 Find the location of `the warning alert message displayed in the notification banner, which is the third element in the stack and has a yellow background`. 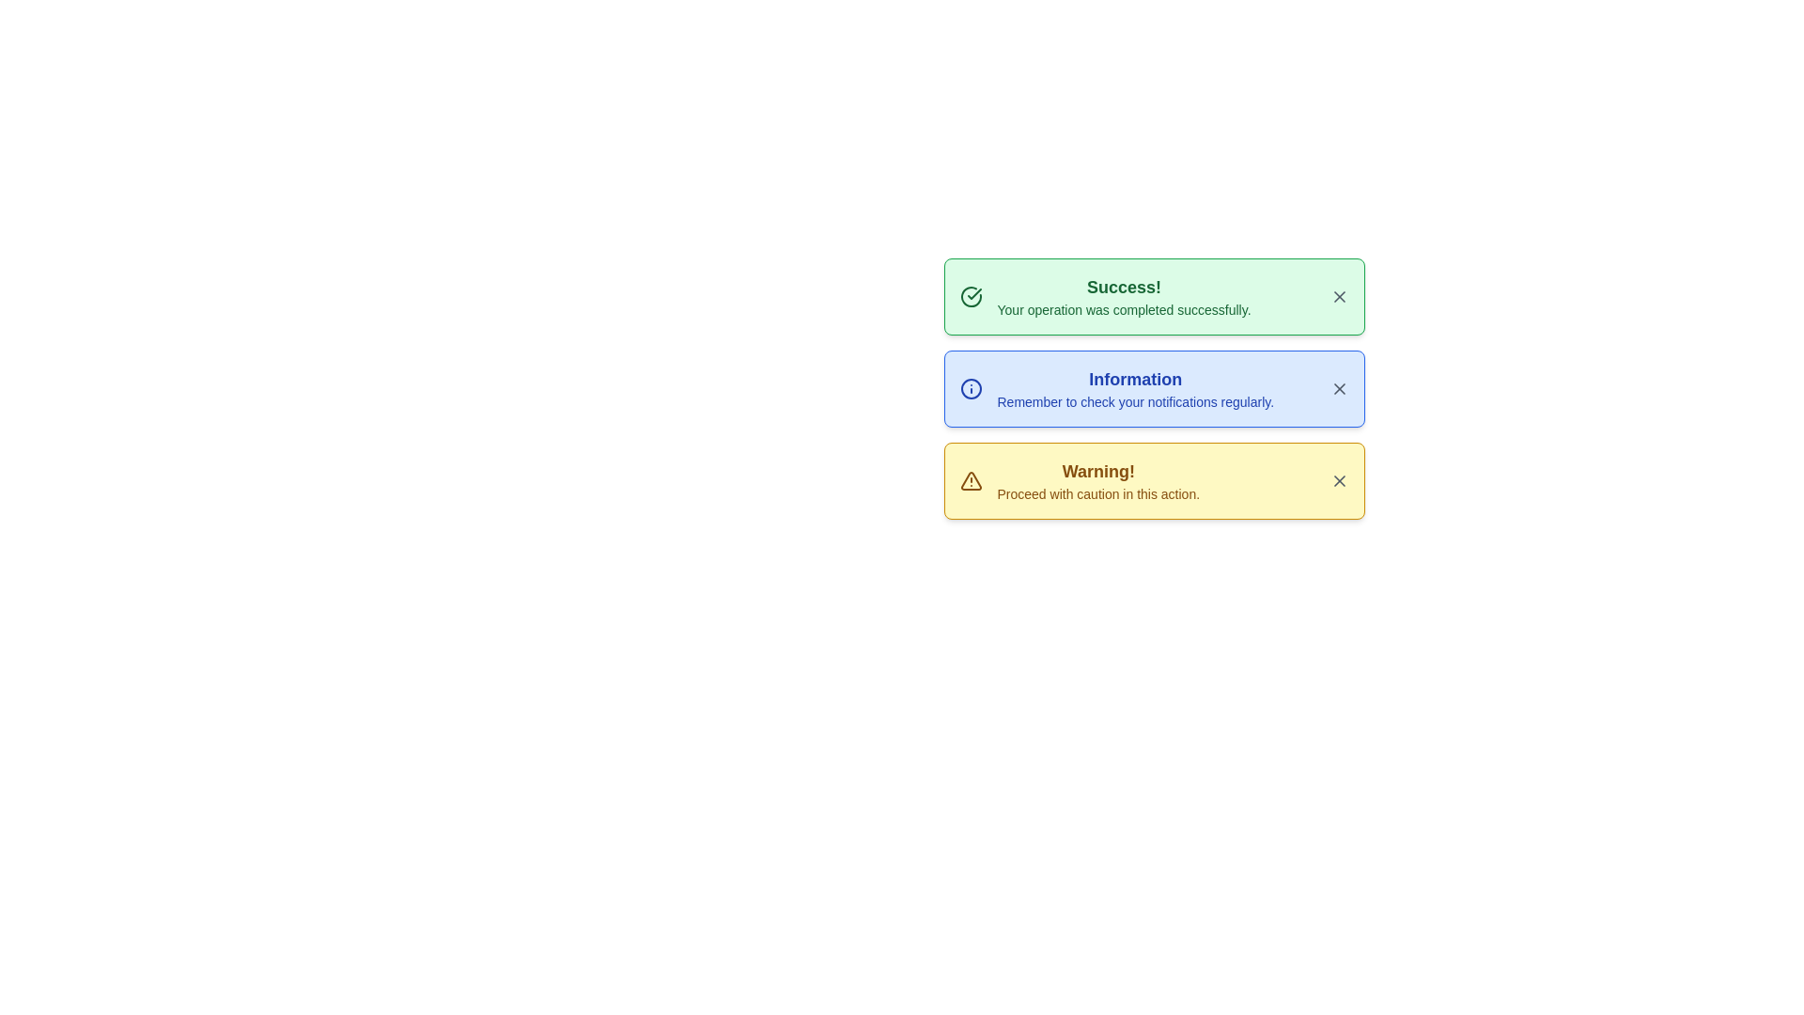

the warning alert message displayed in the notification banner, which is the third element in the stack and has a yellow background is located at coordinates (1098, 480).